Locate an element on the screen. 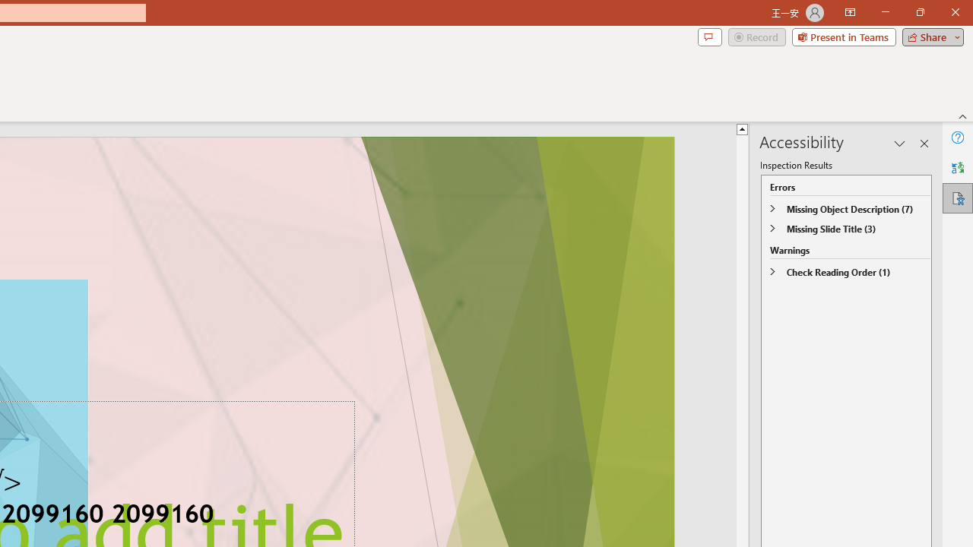 Image resolution: width=973 pixels, height=547 pixels. 'Translator' is located at coordinates (957, 168).